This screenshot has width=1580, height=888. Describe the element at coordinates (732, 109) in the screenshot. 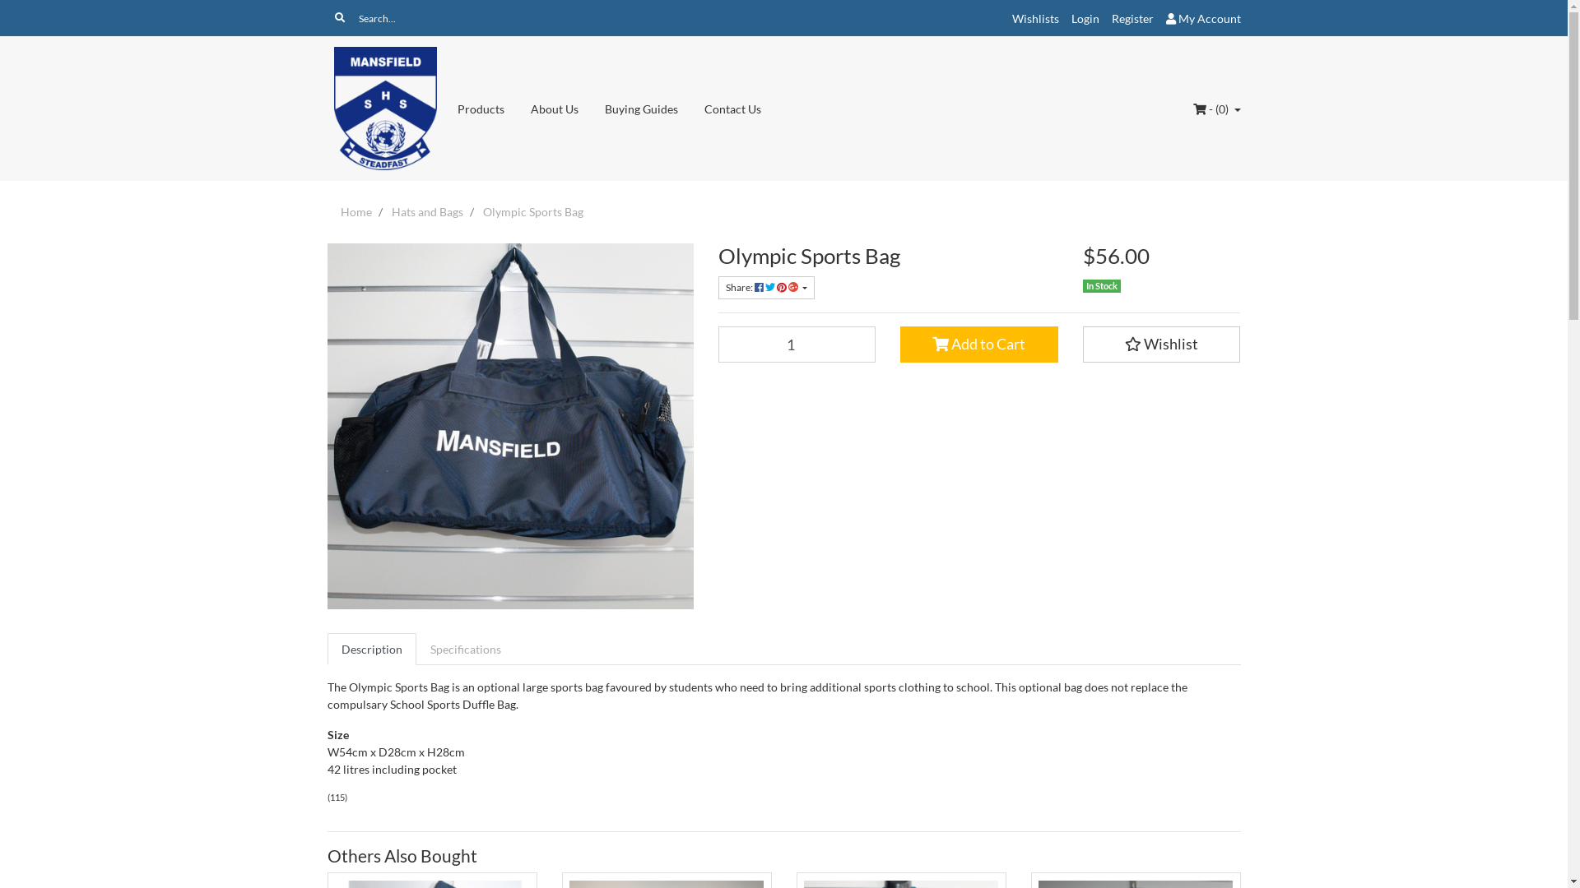

I see `'Contact Us'` at that location.